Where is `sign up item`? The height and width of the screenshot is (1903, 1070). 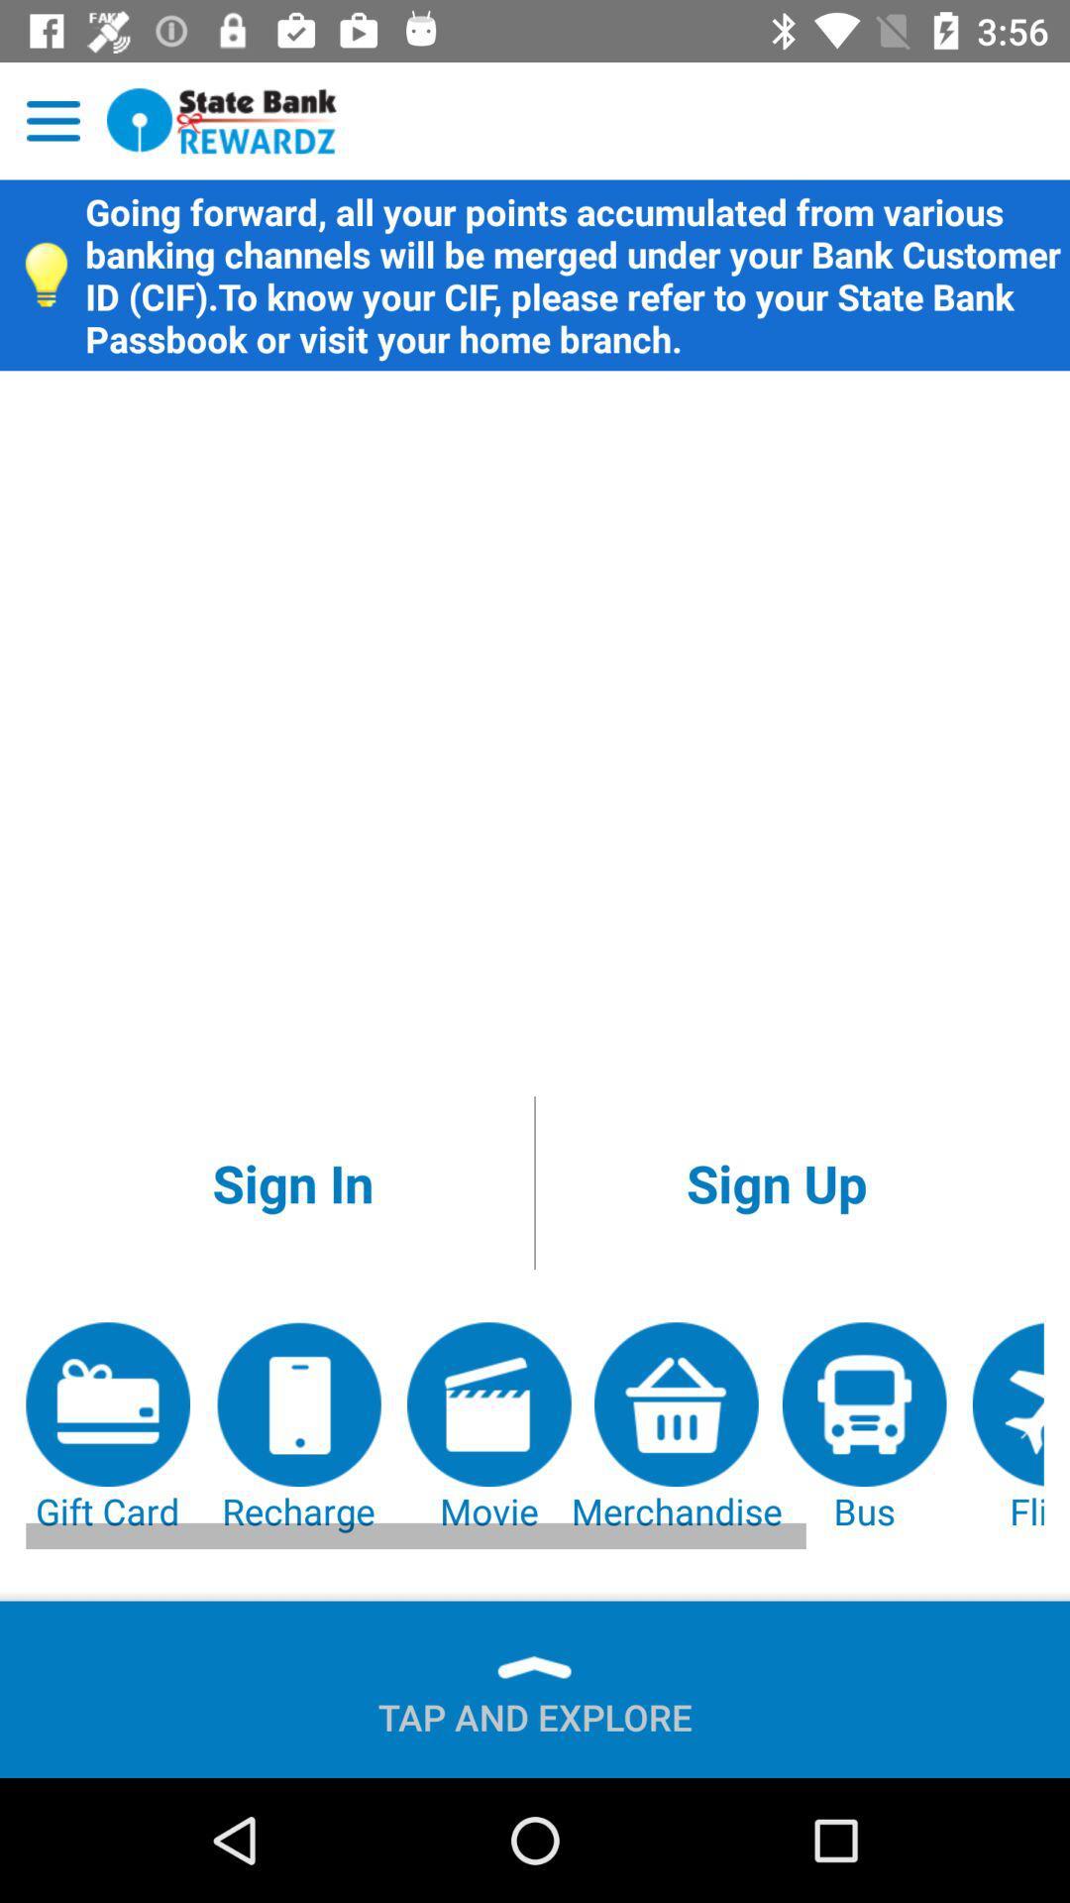
sign up item is located at coordinates (776, 1182).